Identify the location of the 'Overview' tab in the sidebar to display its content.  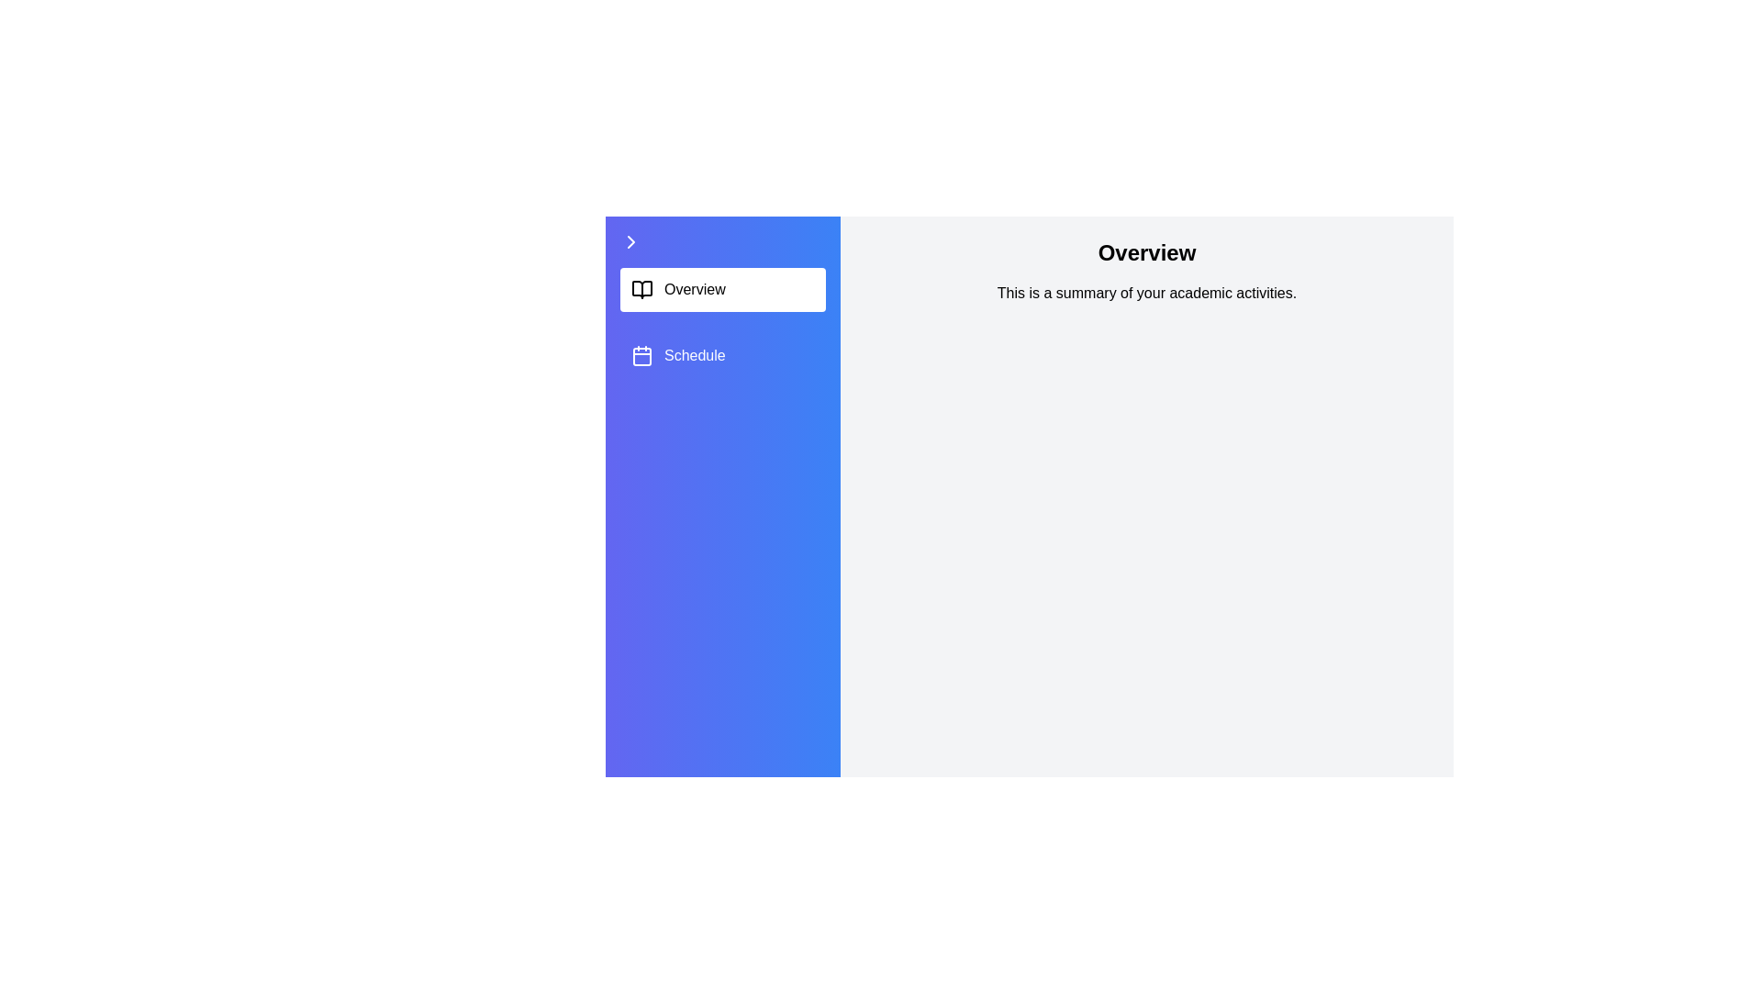
(721, 289).